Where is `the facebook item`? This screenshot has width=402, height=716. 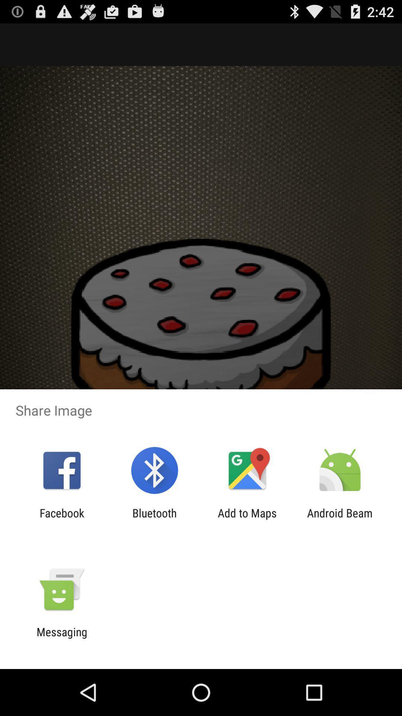 the facebook item is located at coordinates (61, 519).